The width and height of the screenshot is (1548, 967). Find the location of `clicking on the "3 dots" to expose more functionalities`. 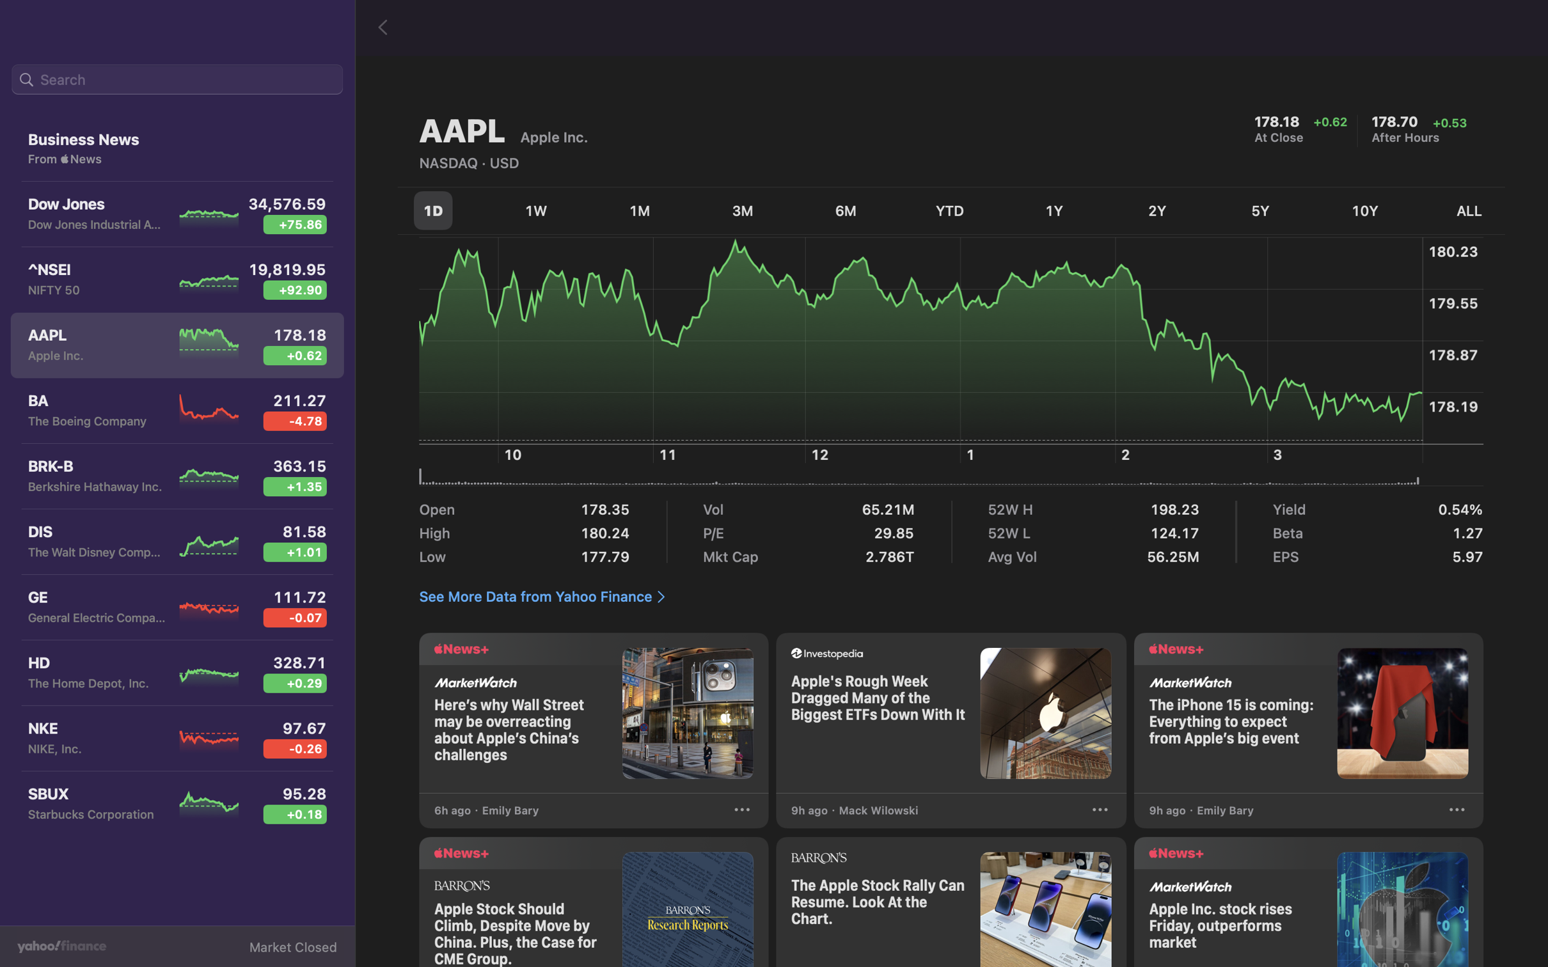

clicking on the "3 dots" to expose more functionalities is located at coordinates (1456, 812).